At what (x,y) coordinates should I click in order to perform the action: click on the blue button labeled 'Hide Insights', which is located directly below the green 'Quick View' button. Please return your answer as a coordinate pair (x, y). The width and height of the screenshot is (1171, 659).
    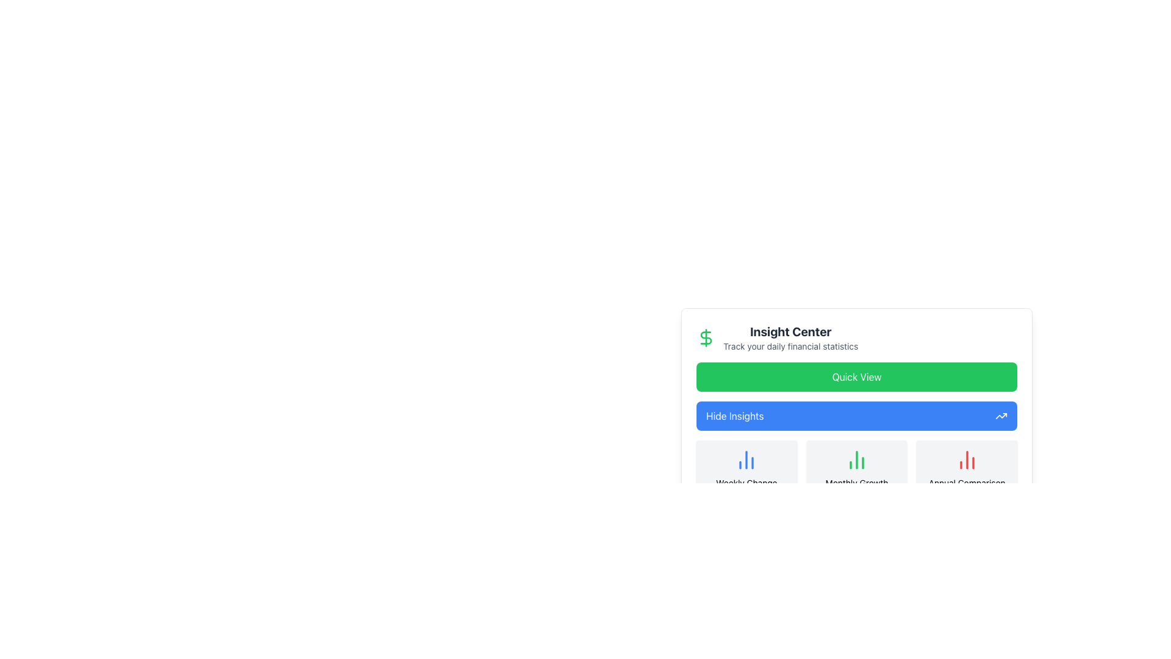
    Looking at the image, I should click on (856, 419).